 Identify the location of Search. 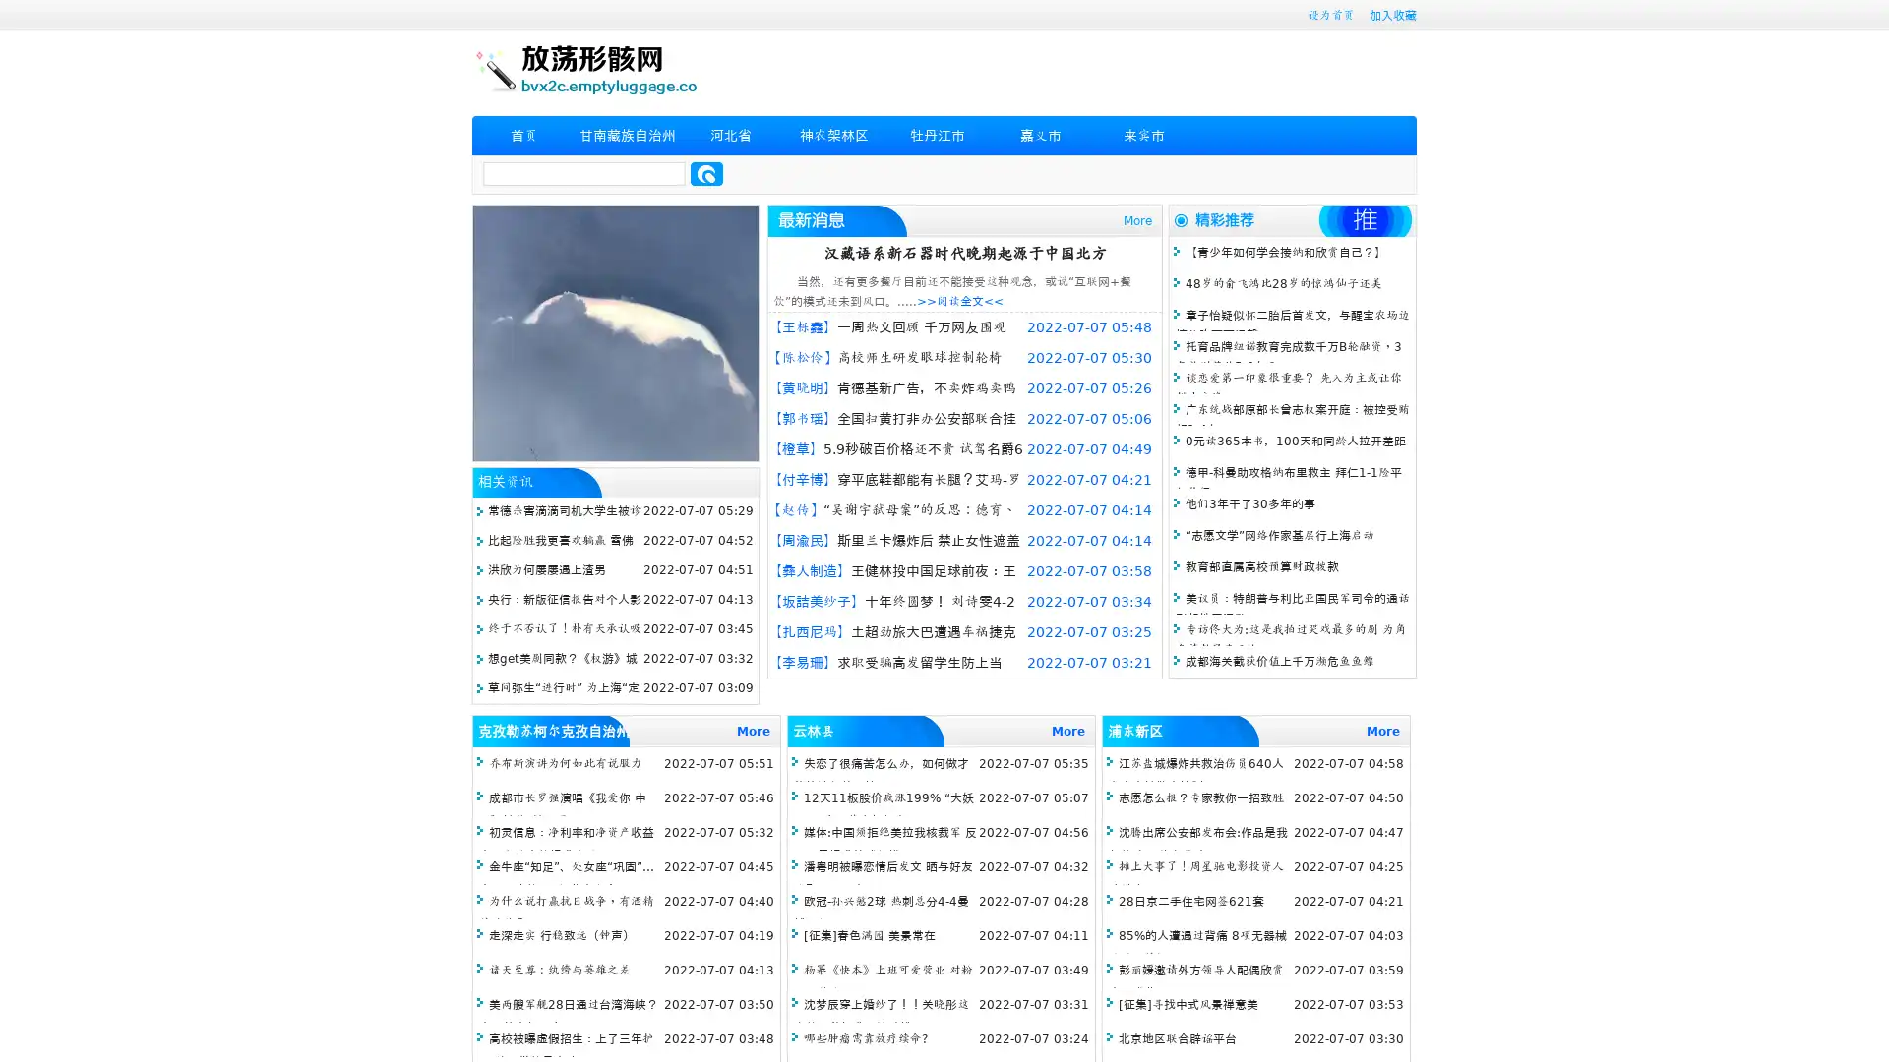
(706, 173).